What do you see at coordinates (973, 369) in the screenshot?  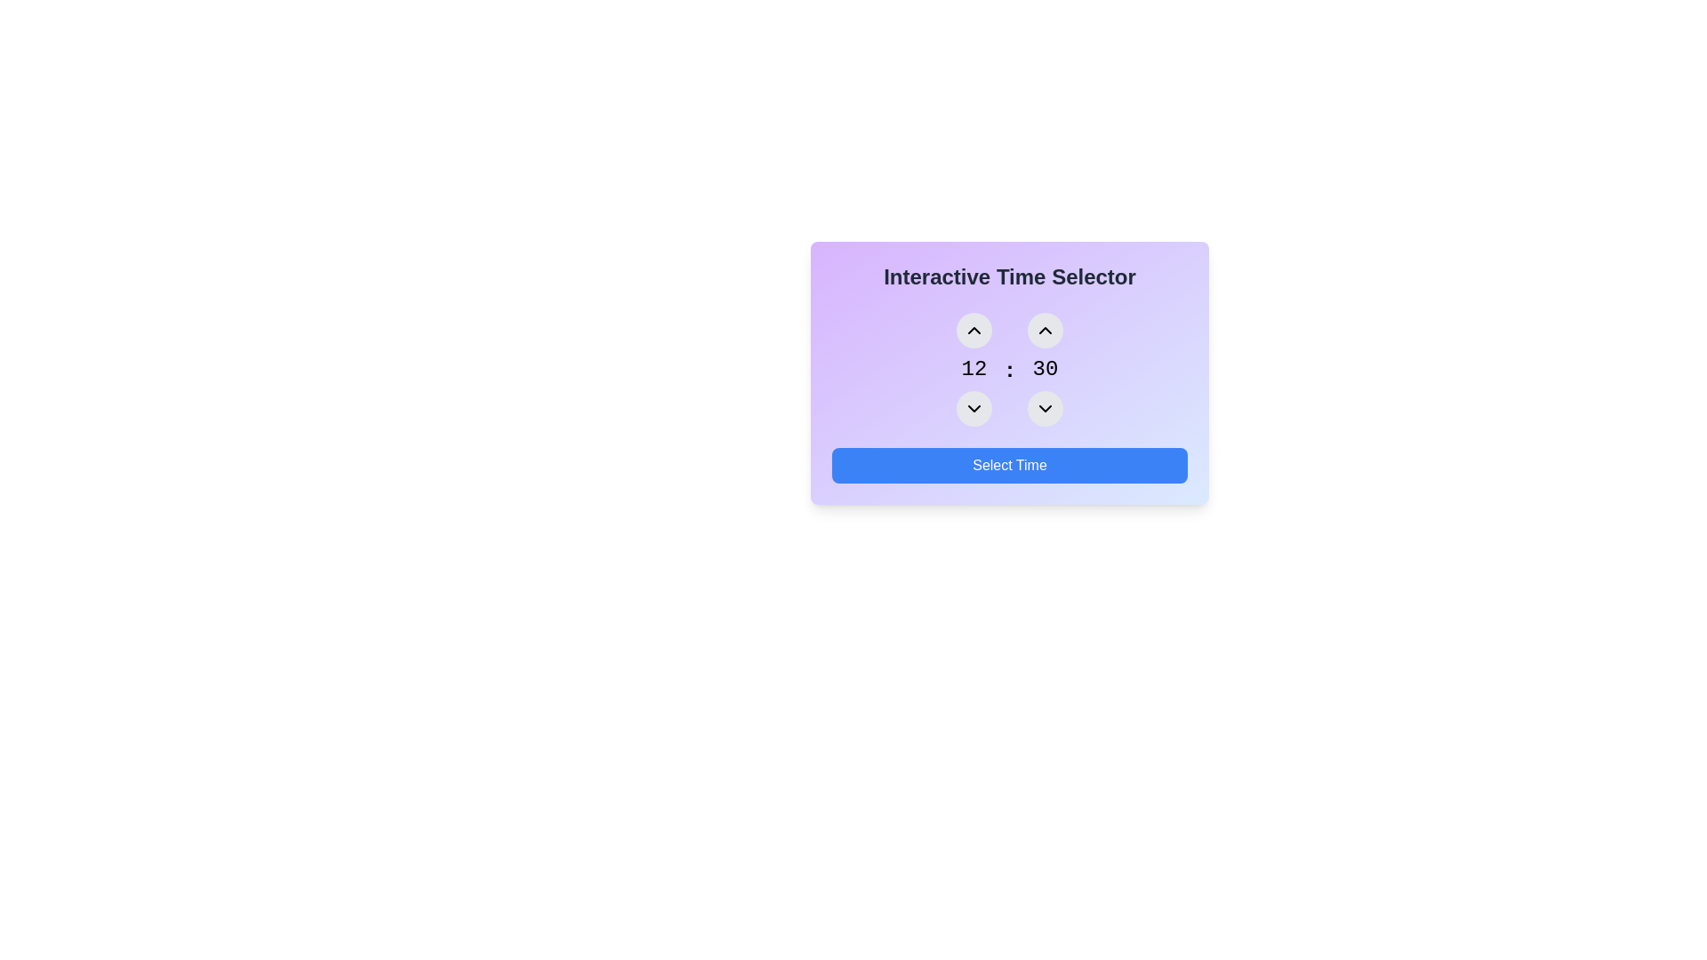 I see `the numeric label displaying the value '12', which is styled in a large, monospaced font and positioned centrally between two circular buttons in a time selector component` at bounding box center [973, 369].